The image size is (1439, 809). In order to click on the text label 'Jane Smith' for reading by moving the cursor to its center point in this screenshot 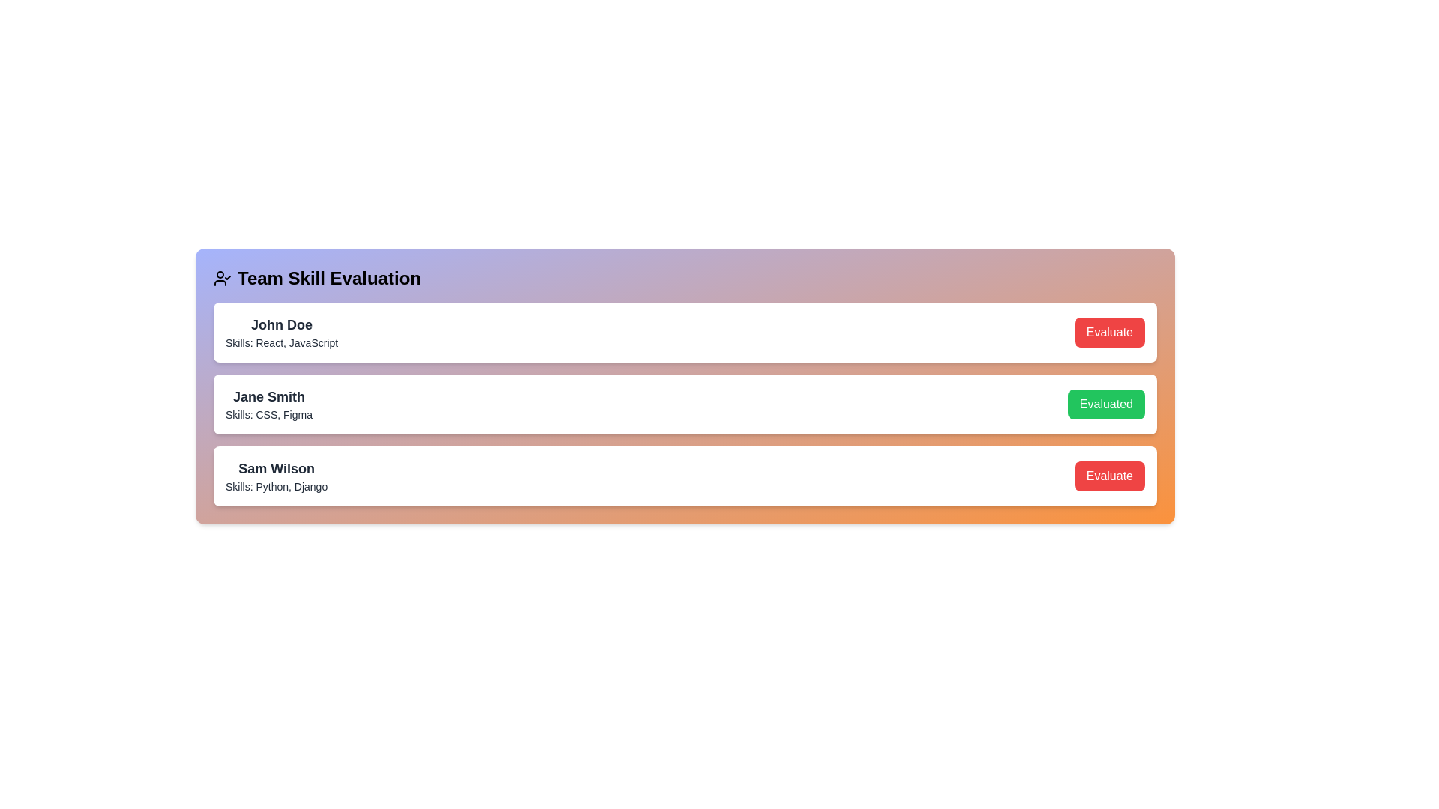, I will do `click(269, 396)`.